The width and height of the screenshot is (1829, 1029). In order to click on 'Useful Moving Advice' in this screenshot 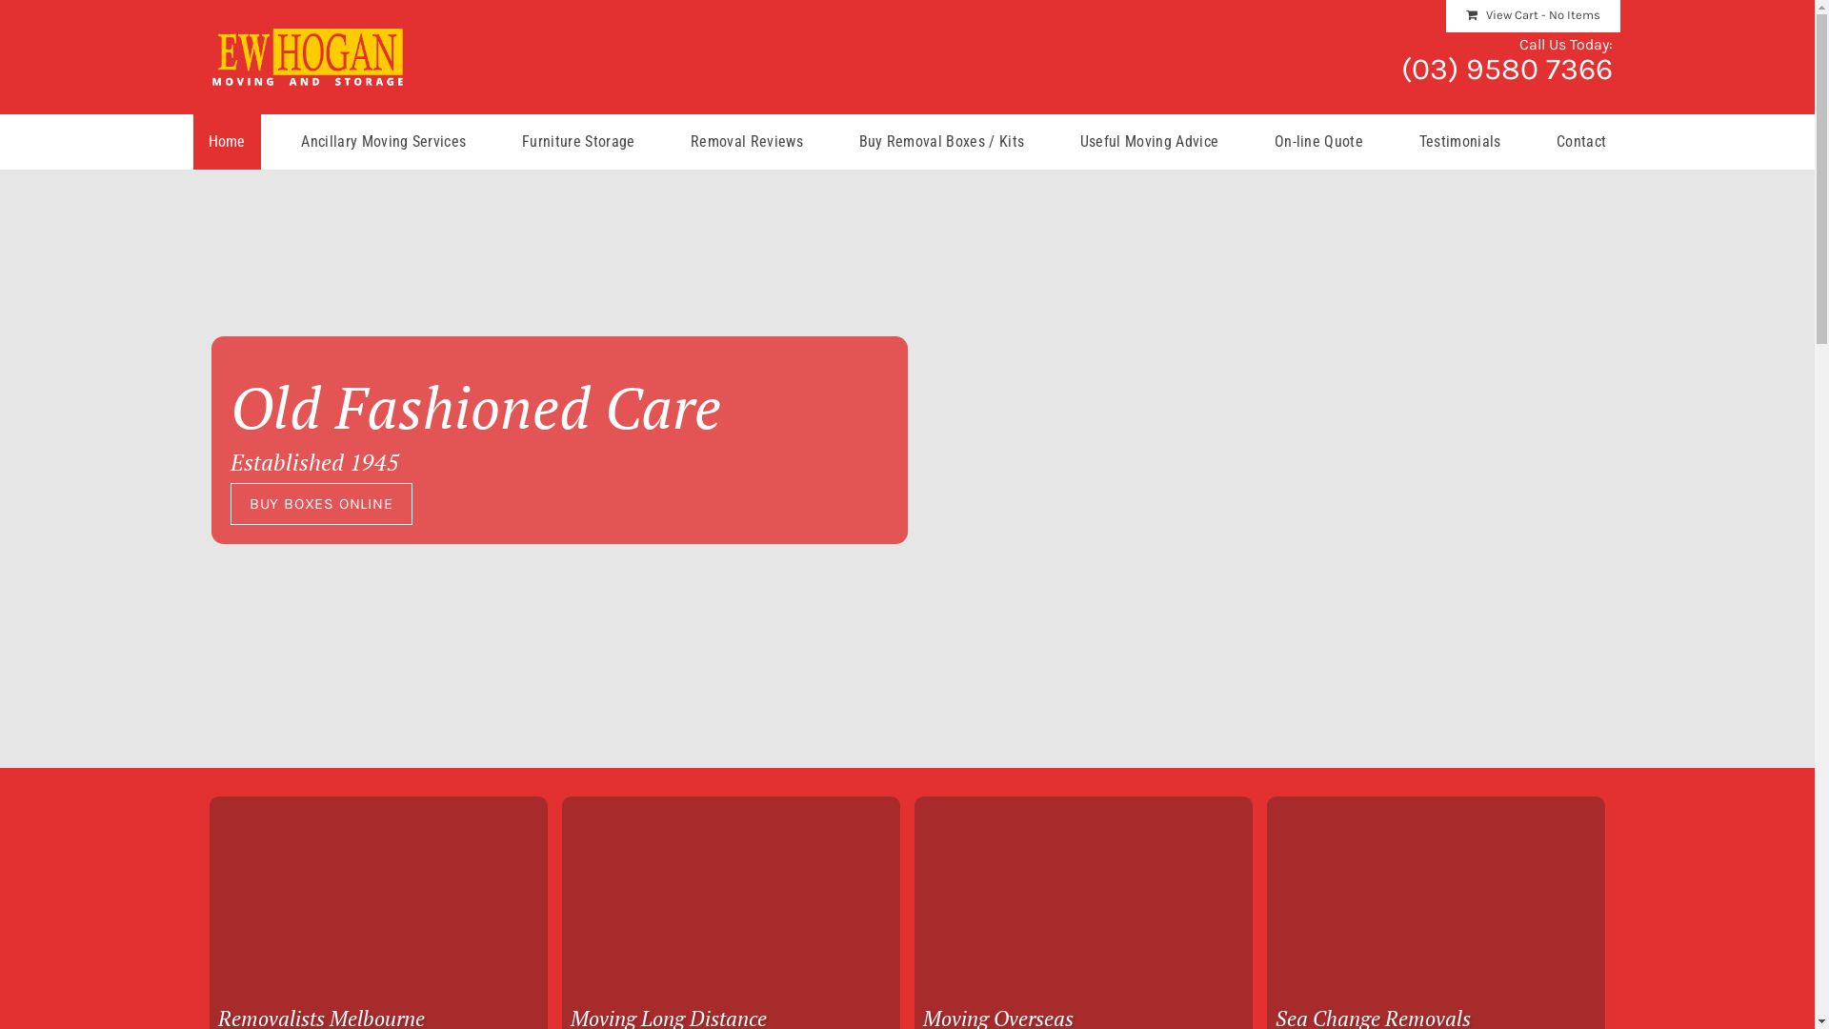, I will do `click(1148, 141)`.